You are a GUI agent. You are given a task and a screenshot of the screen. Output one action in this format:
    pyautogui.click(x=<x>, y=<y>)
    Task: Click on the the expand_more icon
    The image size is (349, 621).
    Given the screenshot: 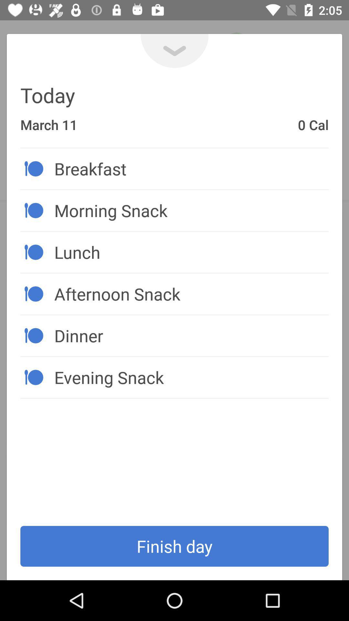 What is the action you would take?
    pyautogui.click(x=174, y=50)
    